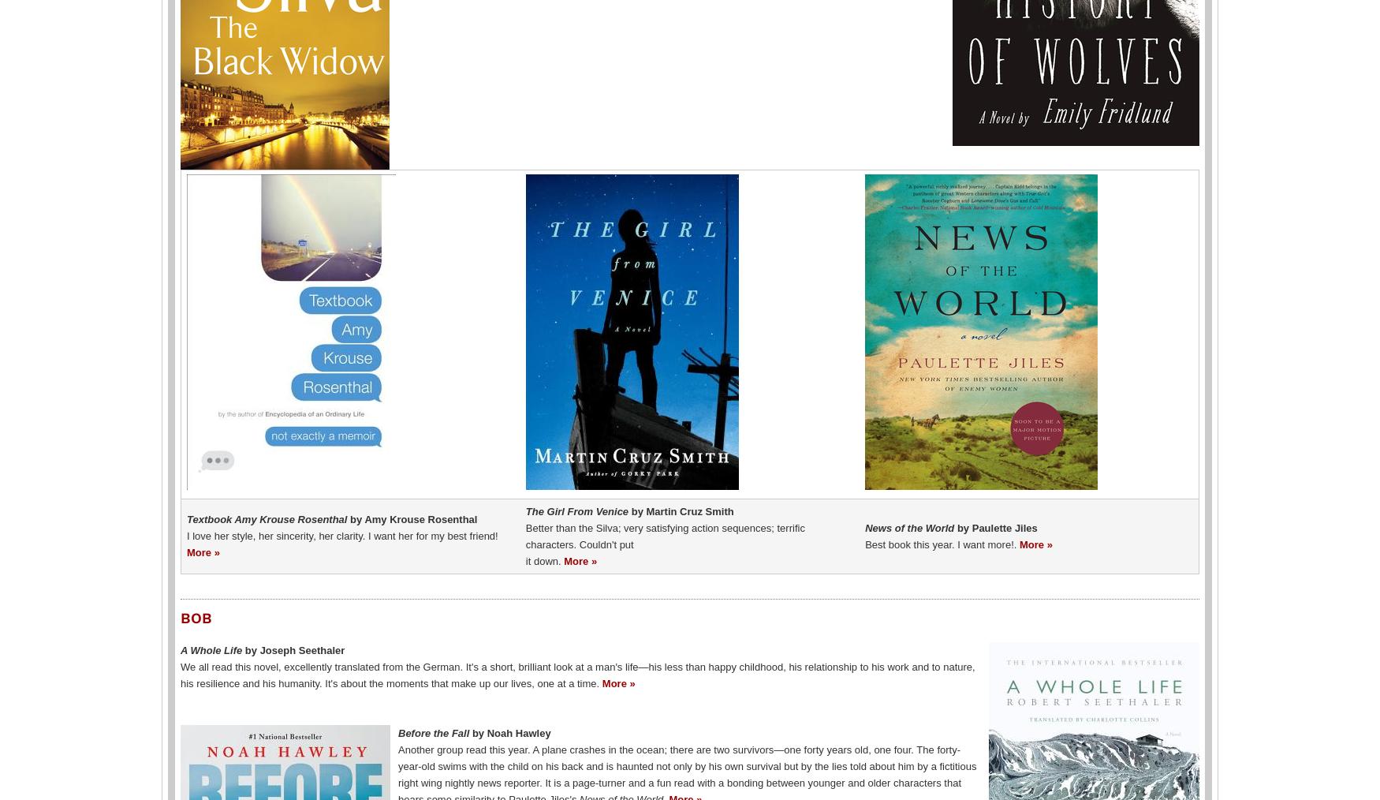 The height and width of the screenshot is (800, 1380). What do you see at coordinates (627, 510) in the screenshot?
I see `'by Martin Cruz Smith'` at bounding box center [627, 510].